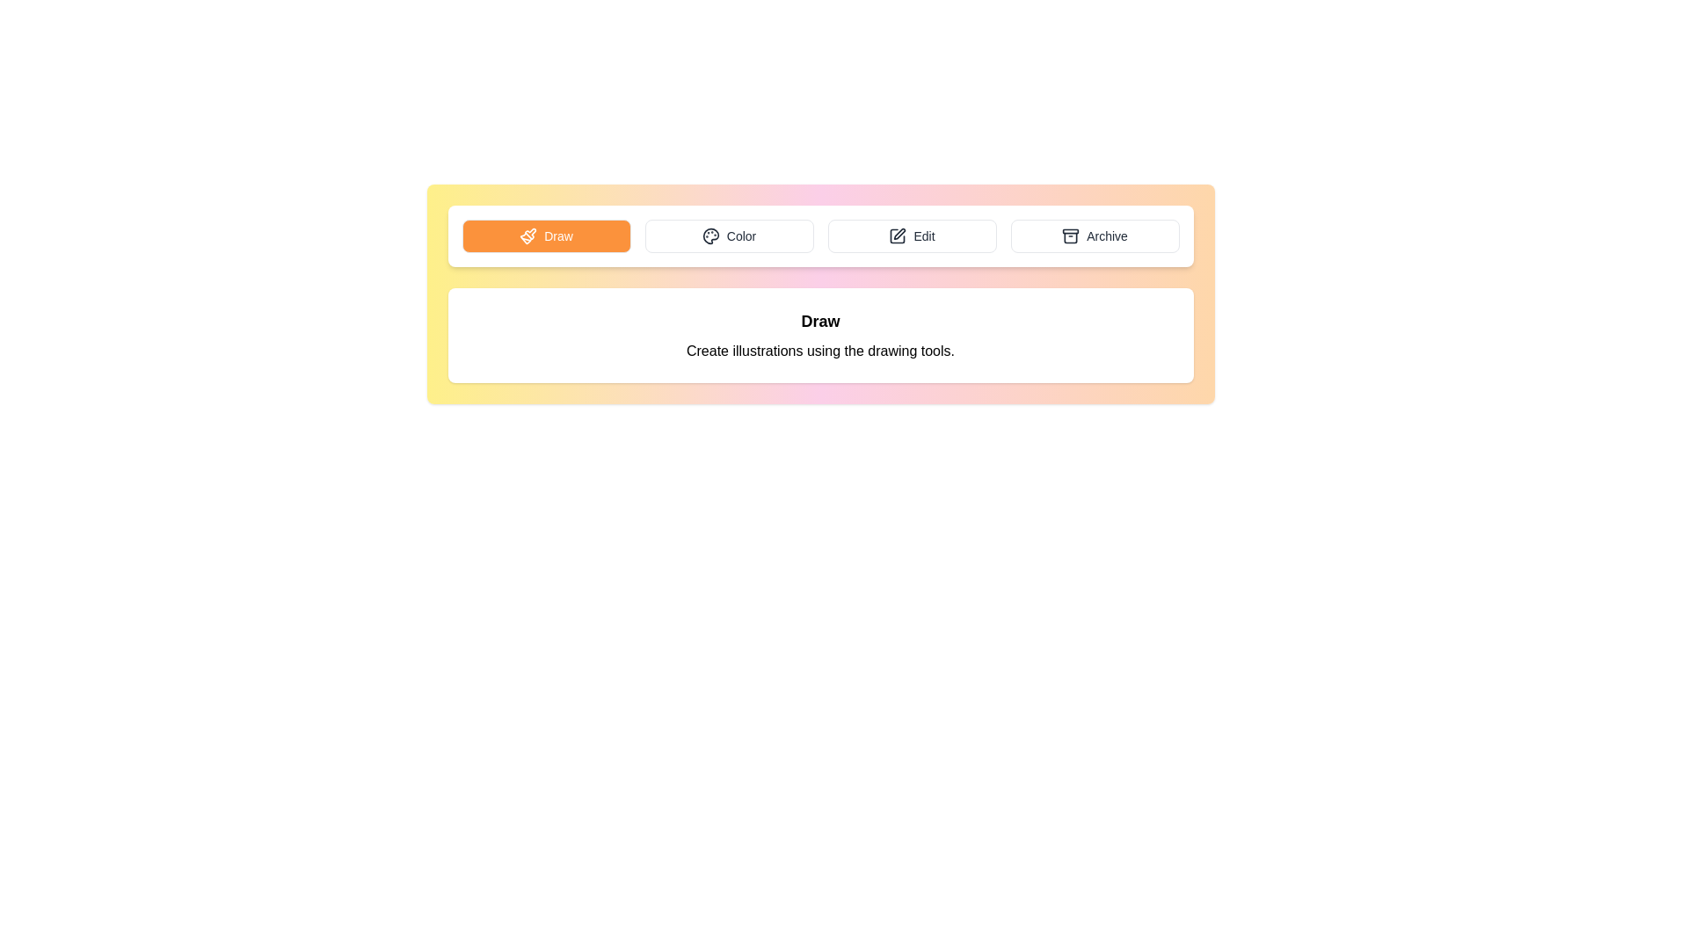 This screenshot has height=949, width=1688. Describe the element at coordinates (1094, 235) in the screenshot. I see `the Archive tab by clicking on its button` at that location.